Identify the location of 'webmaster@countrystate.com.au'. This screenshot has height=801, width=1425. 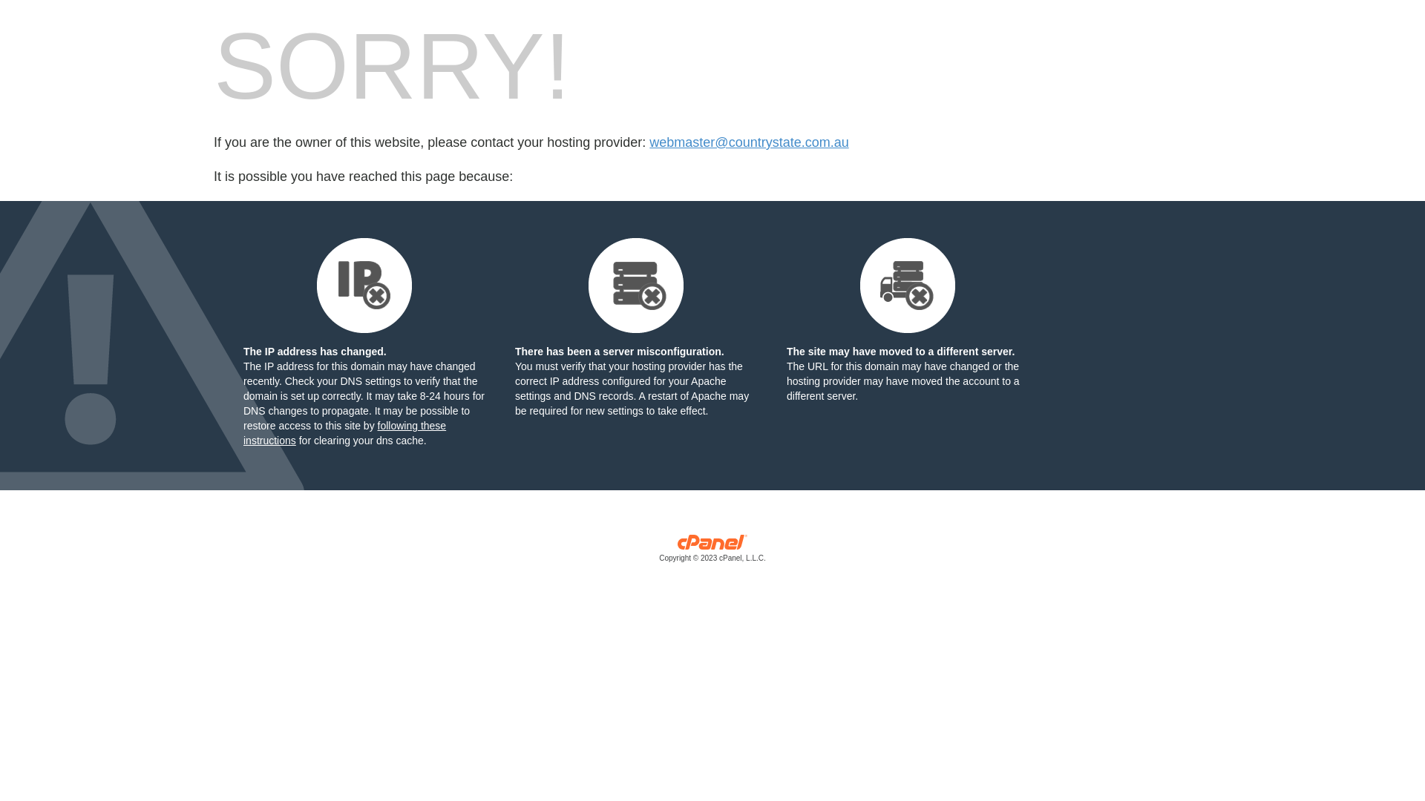
(748, 142).